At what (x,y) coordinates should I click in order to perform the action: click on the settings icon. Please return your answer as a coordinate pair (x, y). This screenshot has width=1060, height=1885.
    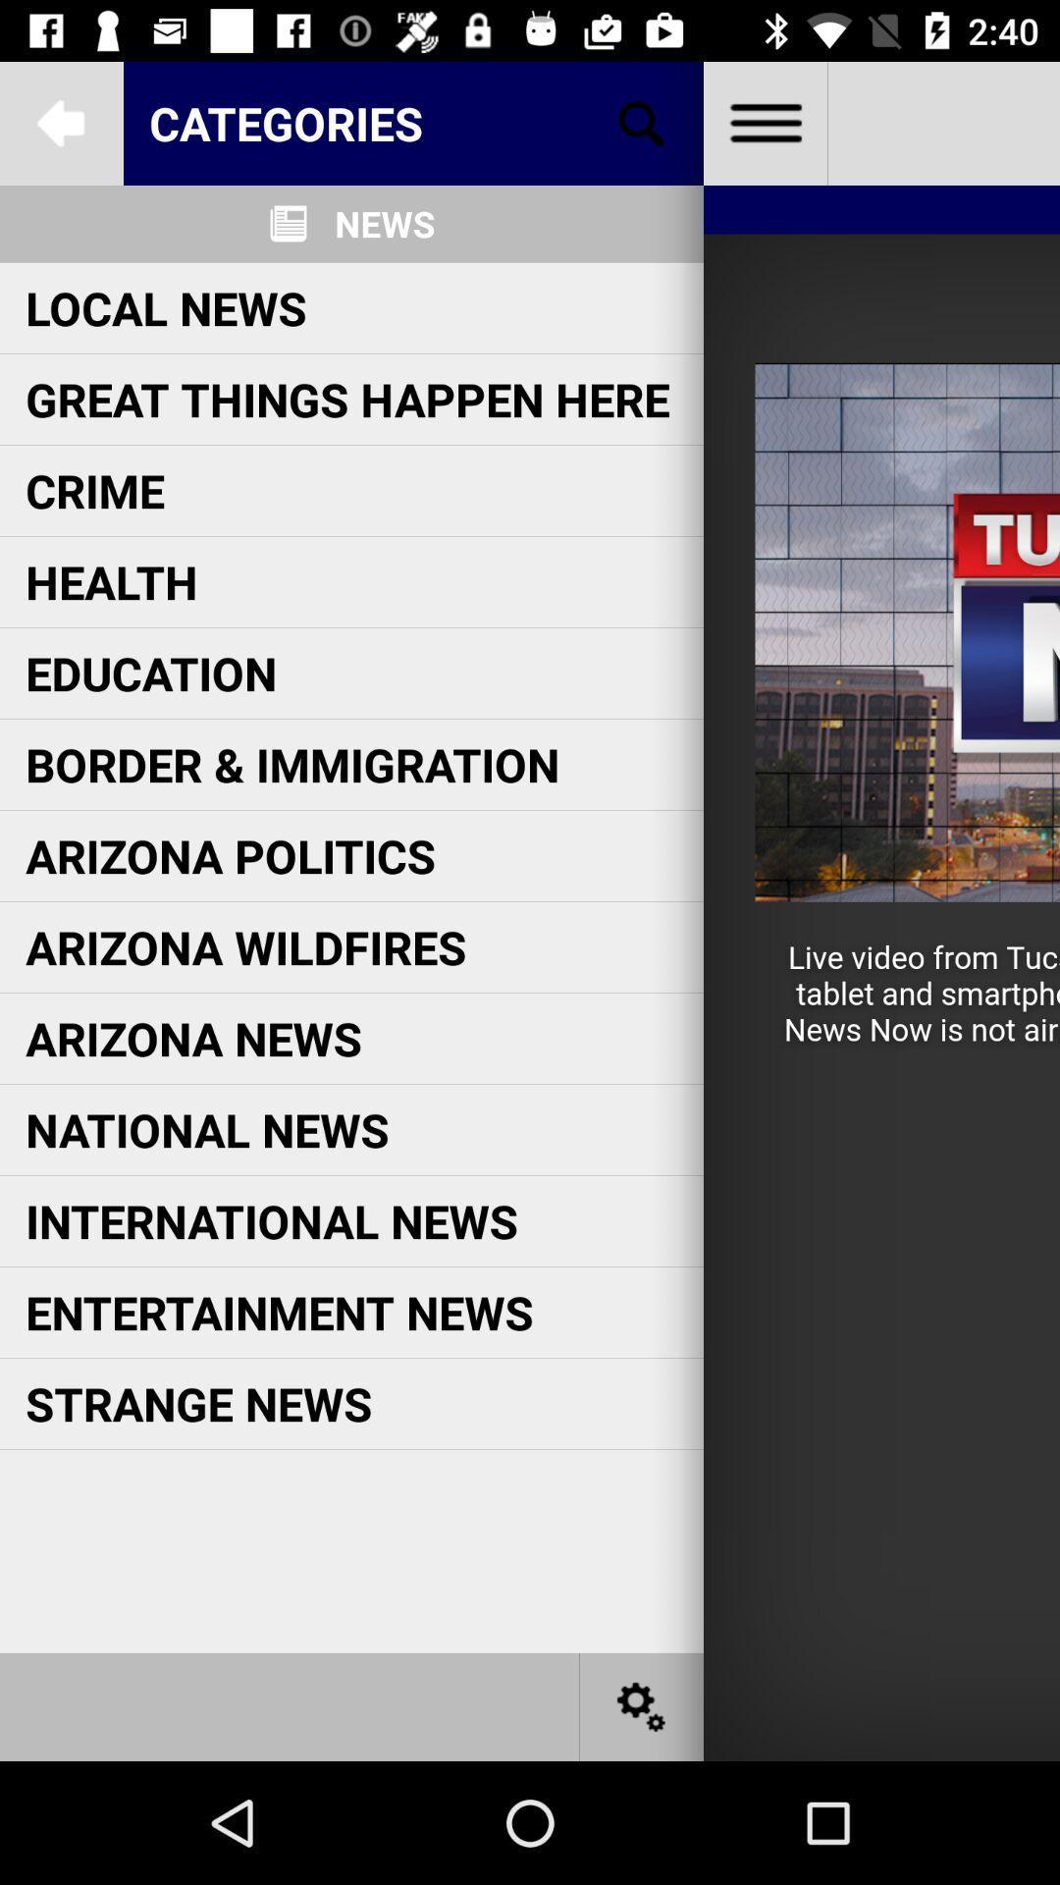
    Looking at the image, I should click on (642, 1705).